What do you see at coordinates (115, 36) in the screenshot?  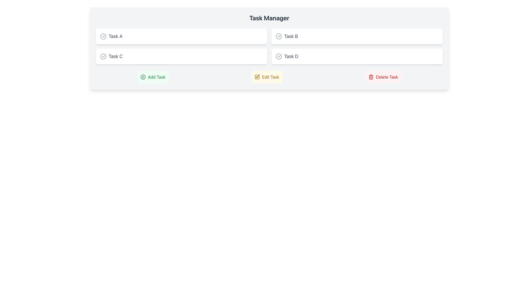 I see `on the text label displaying 'Task A' located in the first task card in the task list, immediately following a checkmark icon` at bounding box center [115, 36].